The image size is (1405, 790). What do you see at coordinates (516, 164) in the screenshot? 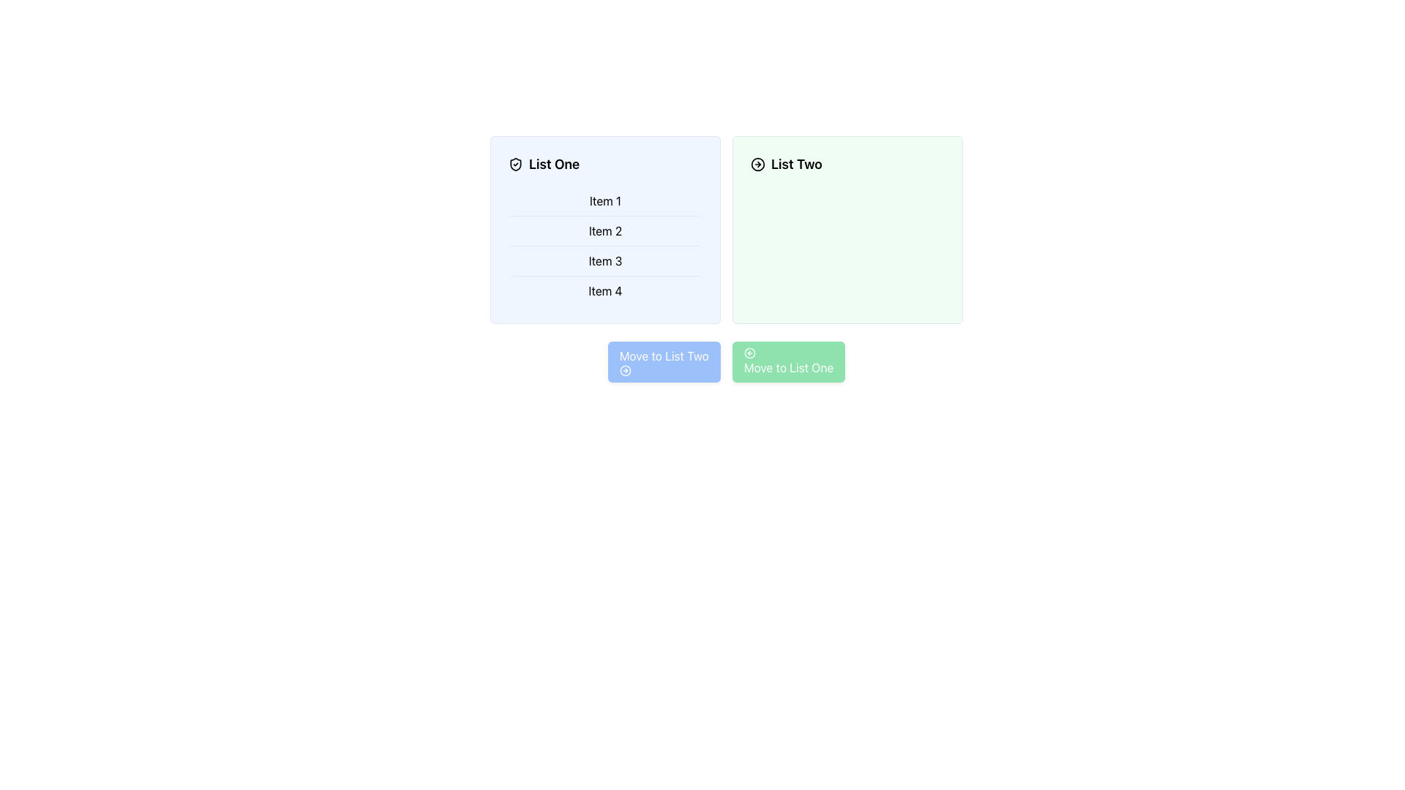
I see `the visual indicator icon located to the left of the text 'List One' within the light blue box` at bounding box center [516, 164].